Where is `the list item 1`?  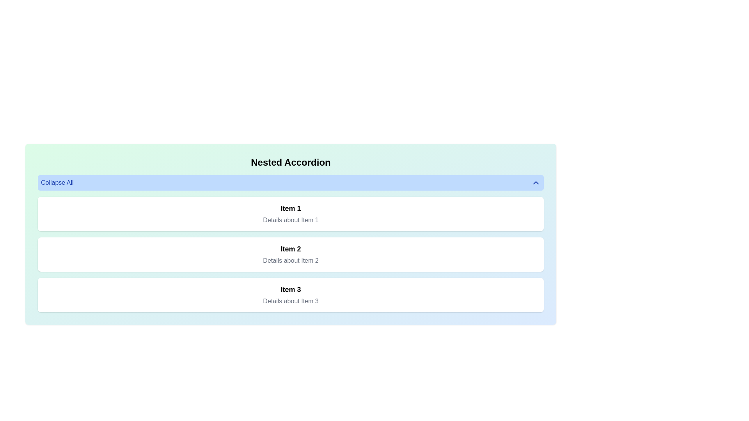
the list item 1 is located at coordinates (290, 214).